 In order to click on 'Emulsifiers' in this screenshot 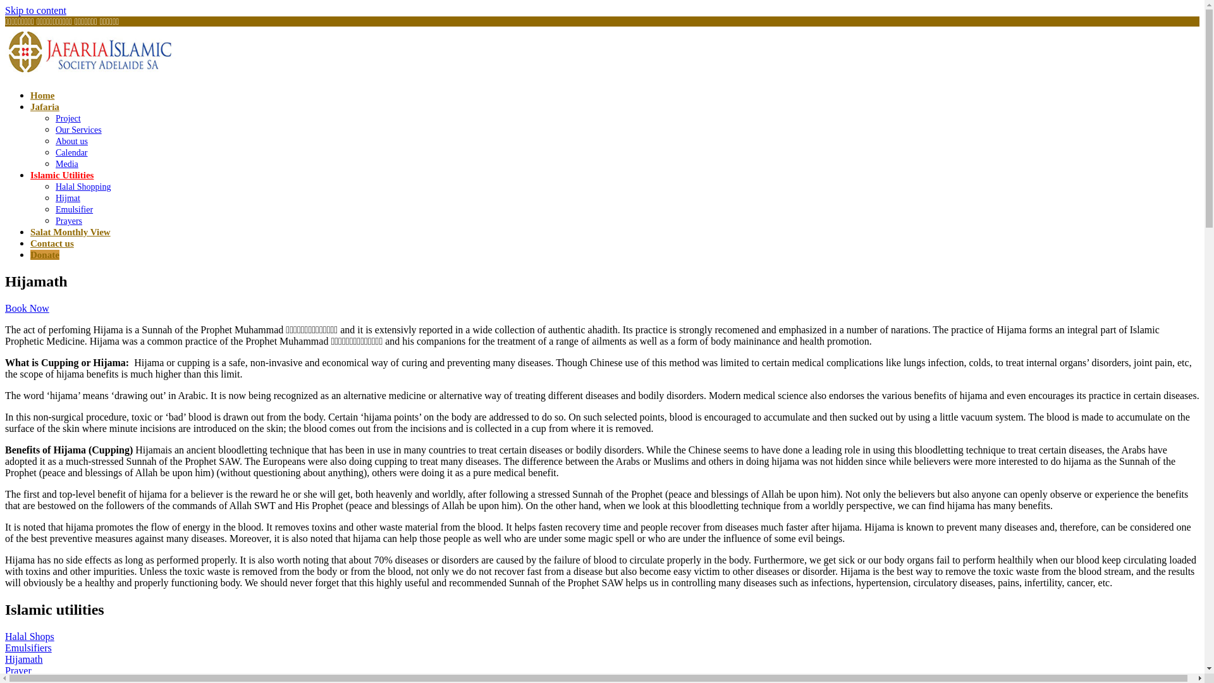, I will do `click(28, 648)`.